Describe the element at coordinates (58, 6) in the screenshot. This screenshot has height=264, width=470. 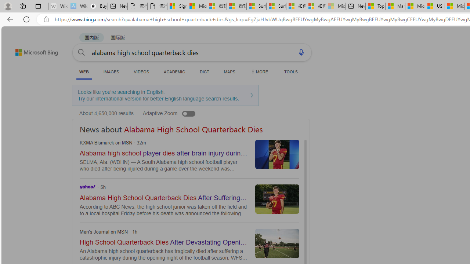
I see `'Wikipedia - Sleeping'` at that location.